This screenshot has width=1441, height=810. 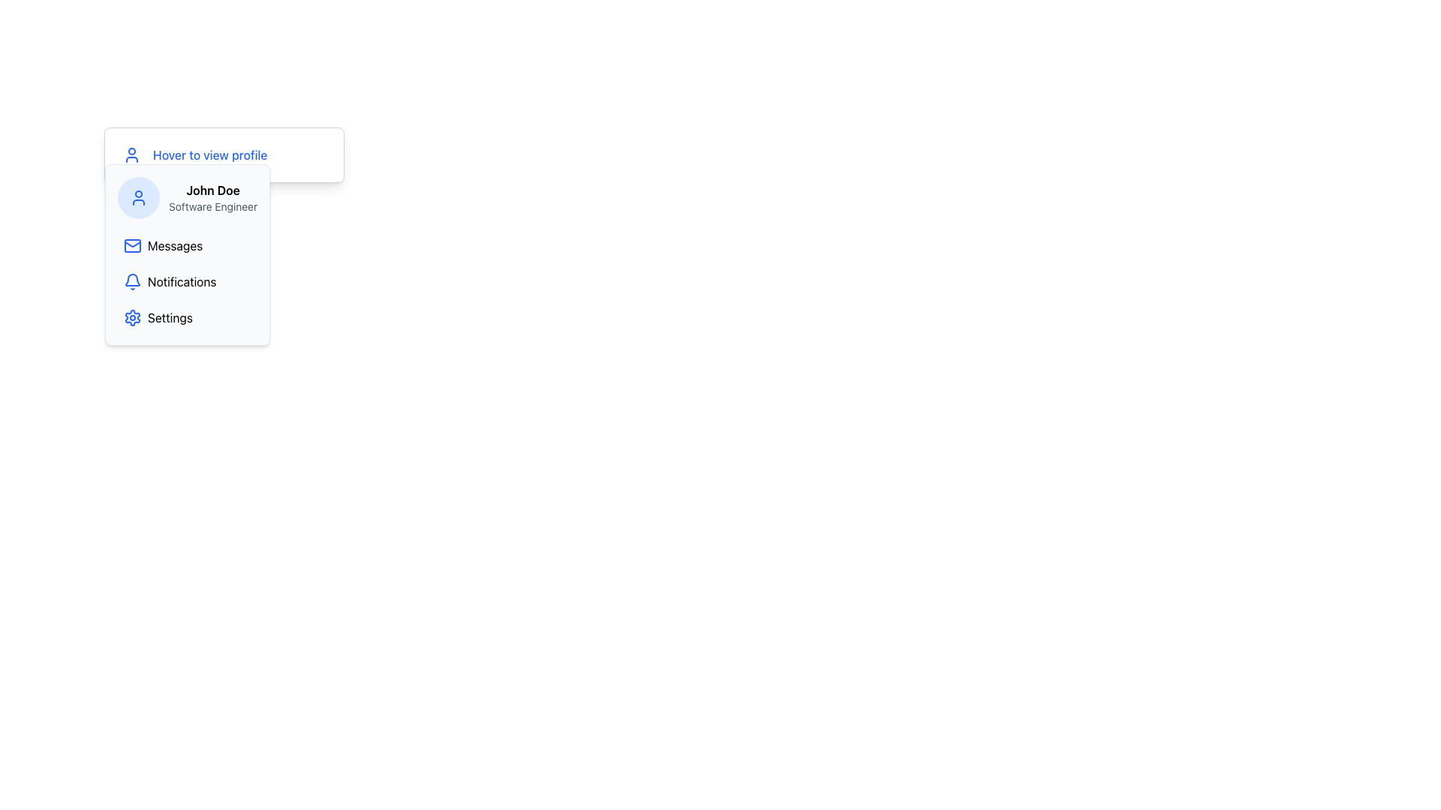 What do you see at coordinates (212, 207) in the screenshot?
I see `the Static Label that displays the job title 'Software Engineer', located centrally below the 'John Doe' text in the dropdown menu` at bounding box center [212, 207].